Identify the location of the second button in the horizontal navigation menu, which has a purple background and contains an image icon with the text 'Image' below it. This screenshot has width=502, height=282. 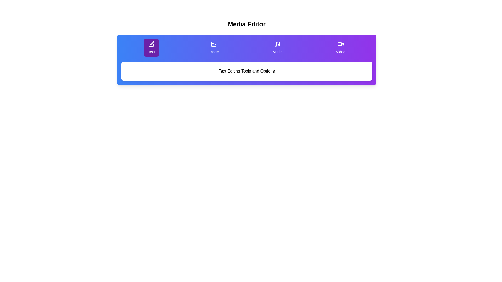
(213, 48).